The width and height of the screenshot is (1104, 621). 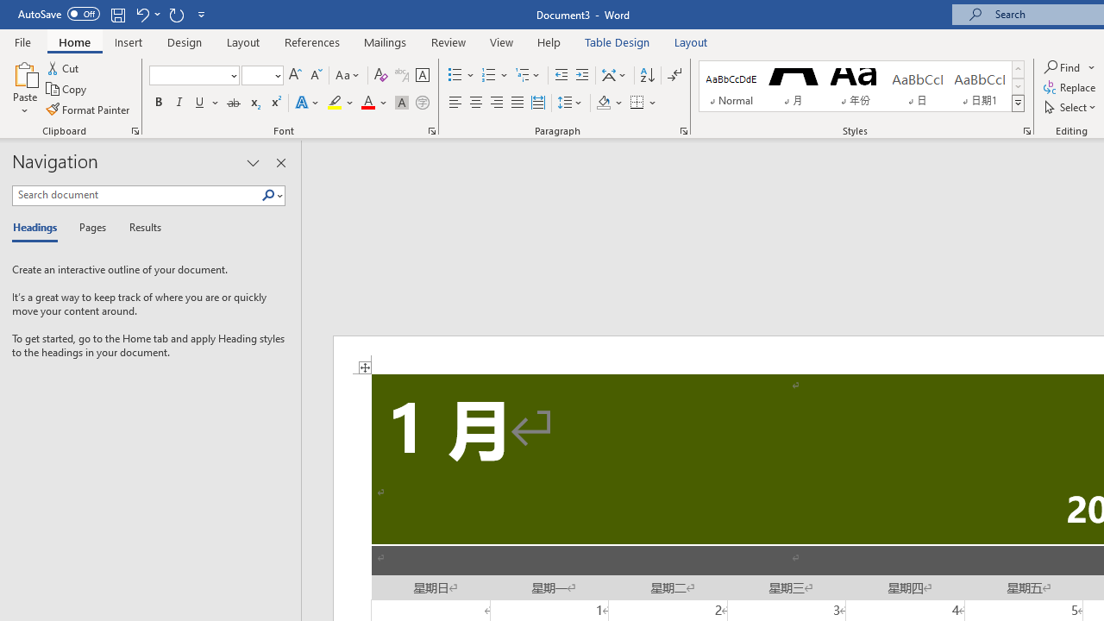 I want to click on 'Text Highlight Color', so click(x=341, y=103).